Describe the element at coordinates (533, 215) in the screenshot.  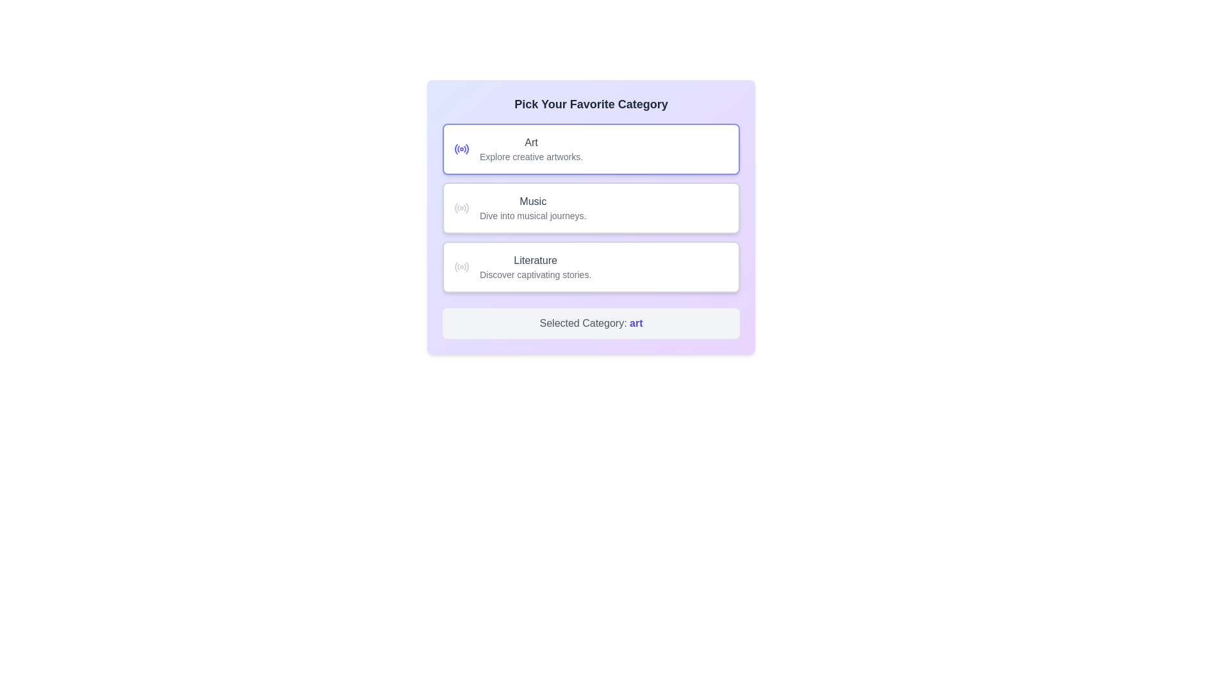
I see `the static text label that displays 'Dive into musical journeys.' which is positioned below the 'Music' heading in the second option box of the categories list` at that location.